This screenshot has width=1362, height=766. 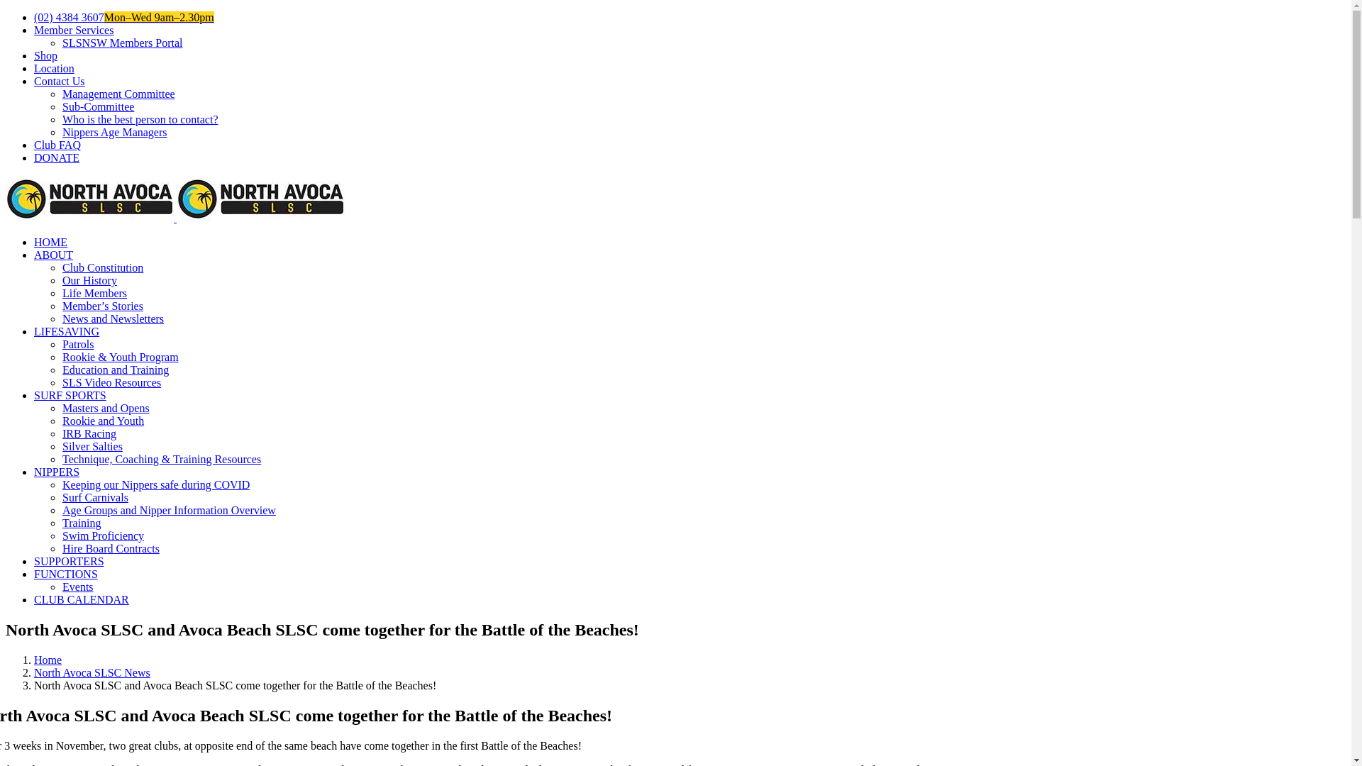 What do you see at coordinates (120, 356) in the screenshot?
I see `'Rookie & Youth Program'` at bounding box center [120, 356].